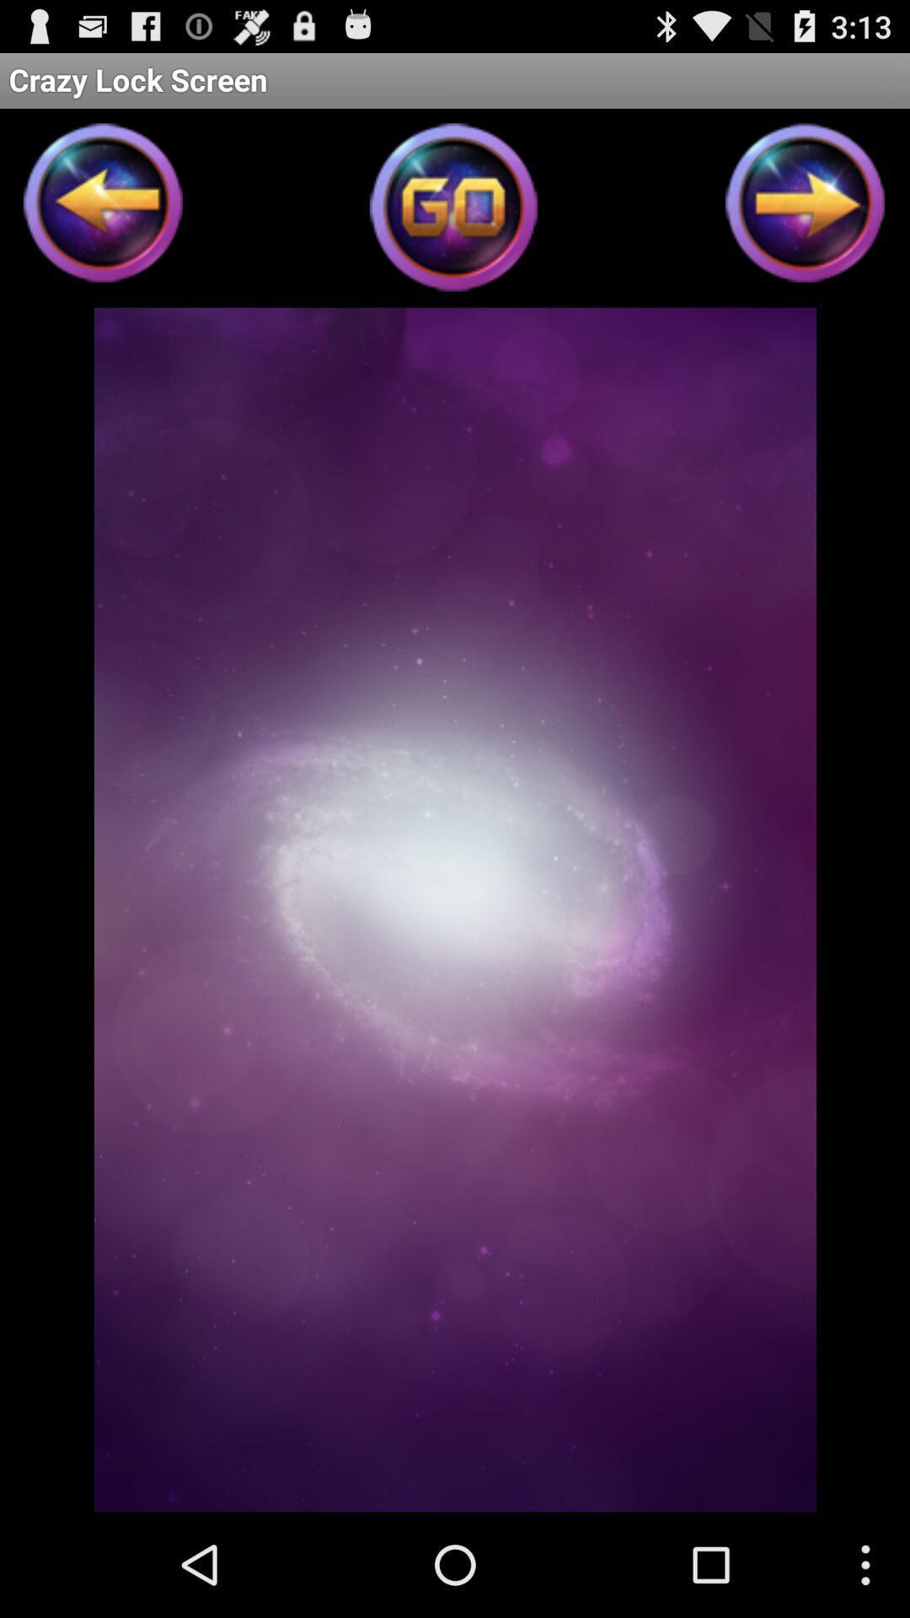 This screenshot has height=1618, width=910. I want to click on go back, so click(104, 207).